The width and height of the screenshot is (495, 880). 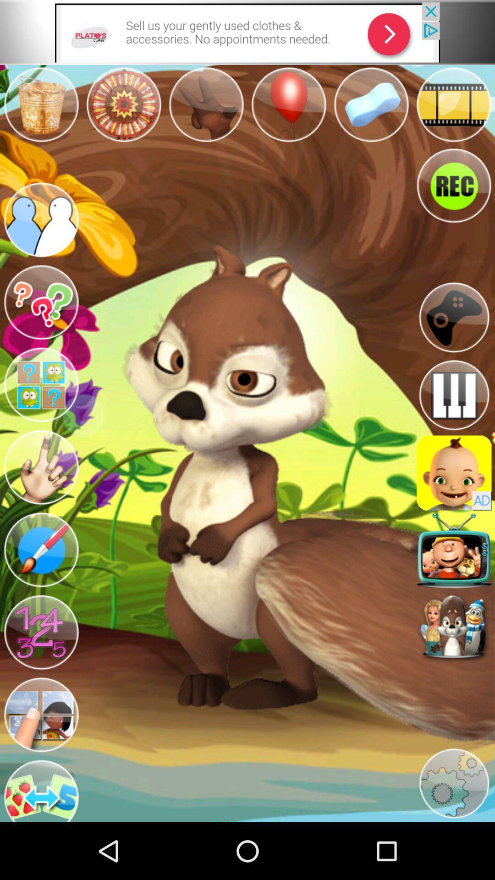 What do you see at coordinates (454, 838) in the screenshot?
I see `the settings icon` at bounding box center [454, 838].